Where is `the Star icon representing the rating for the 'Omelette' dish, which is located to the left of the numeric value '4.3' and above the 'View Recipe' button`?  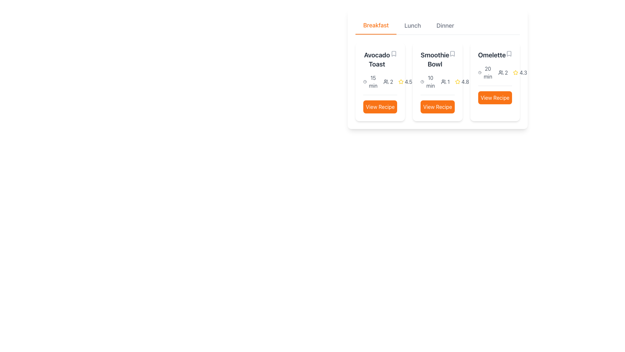
the Star icon representing the rating for the 'Omelette' dish, which is located to the left of the numeric value '4.3' and above the 'View Recipe' button is located at coordinates (515, 72).